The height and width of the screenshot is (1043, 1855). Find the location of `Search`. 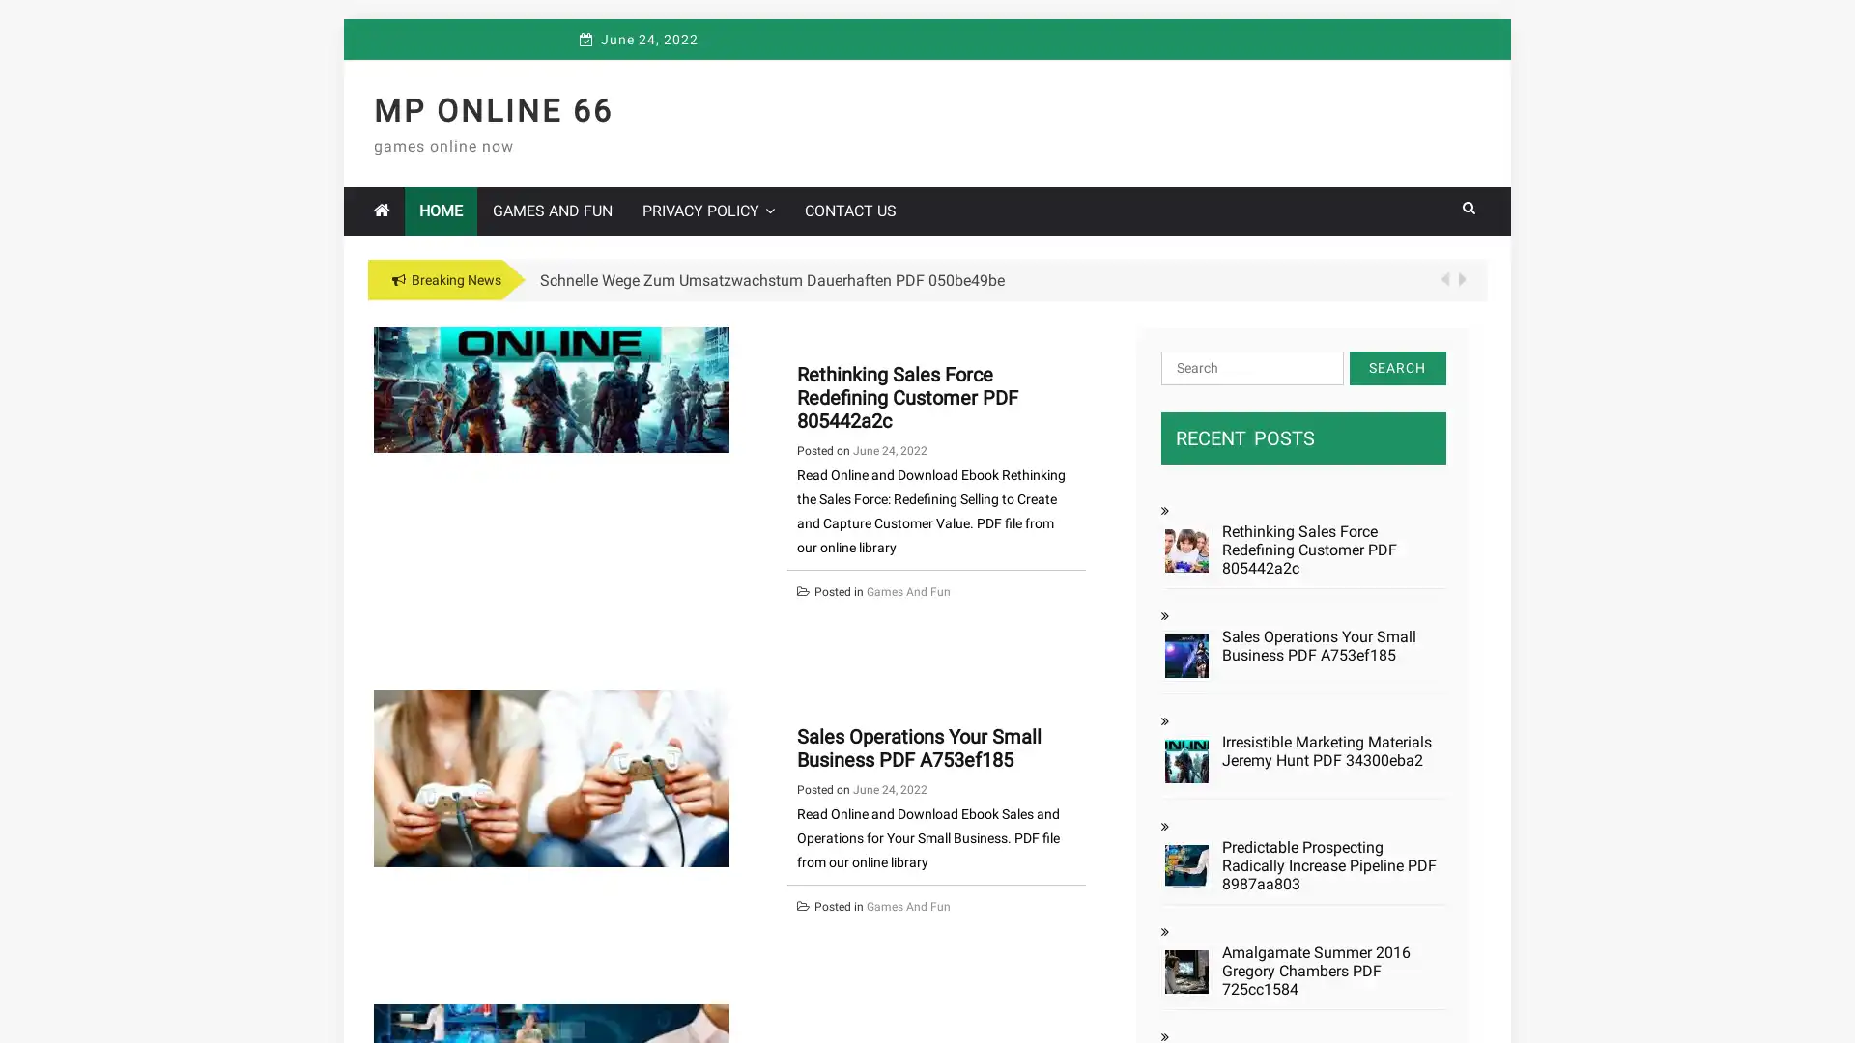

Search is located at coordinates (1396, 367).